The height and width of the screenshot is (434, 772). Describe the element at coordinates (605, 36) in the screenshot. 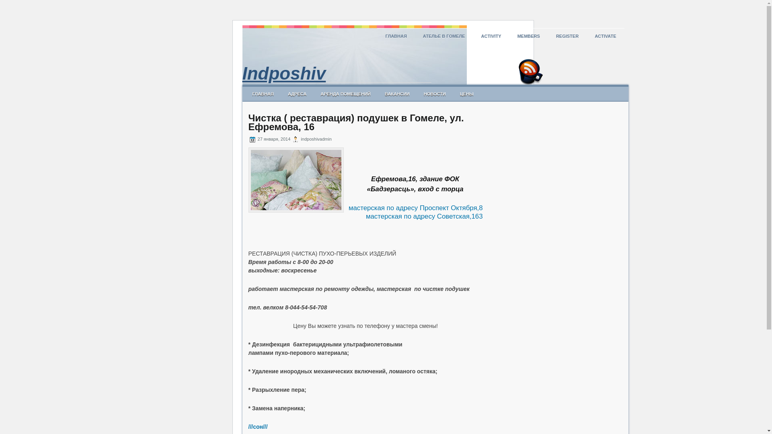

I see `'ACTIVATE'` at that location.